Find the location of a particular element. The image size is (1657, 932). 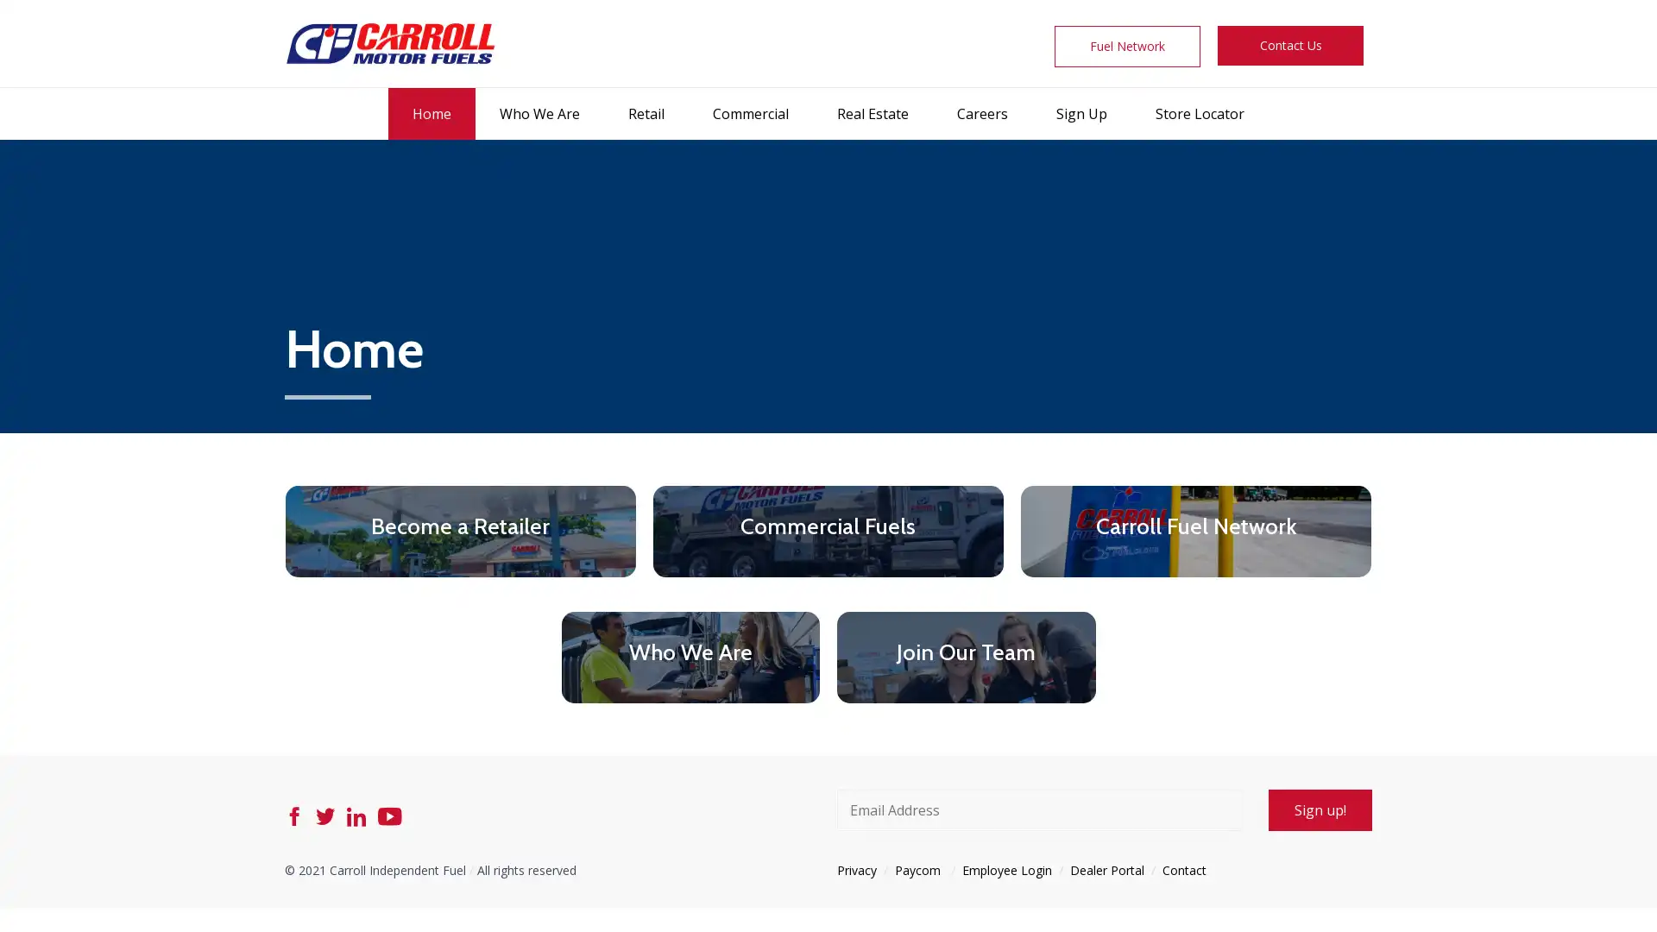

Contact Us is located at coordinates (1289, 45).